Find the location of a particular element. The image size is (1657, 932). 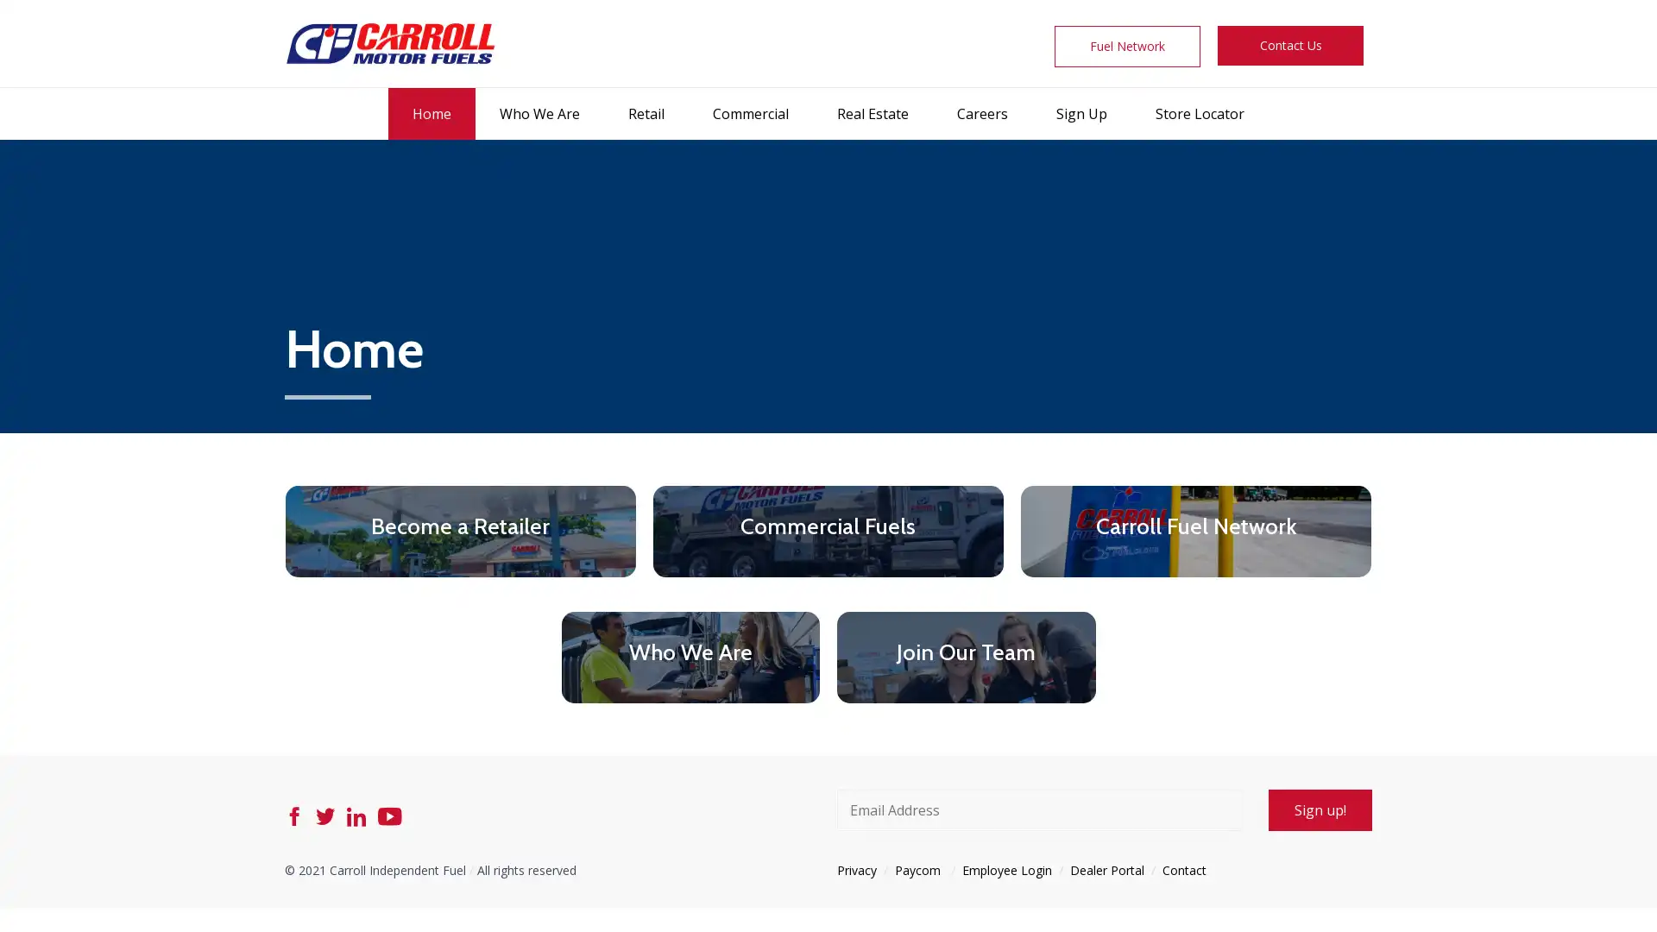

Contact Us is located at coordinates (1289, 45).